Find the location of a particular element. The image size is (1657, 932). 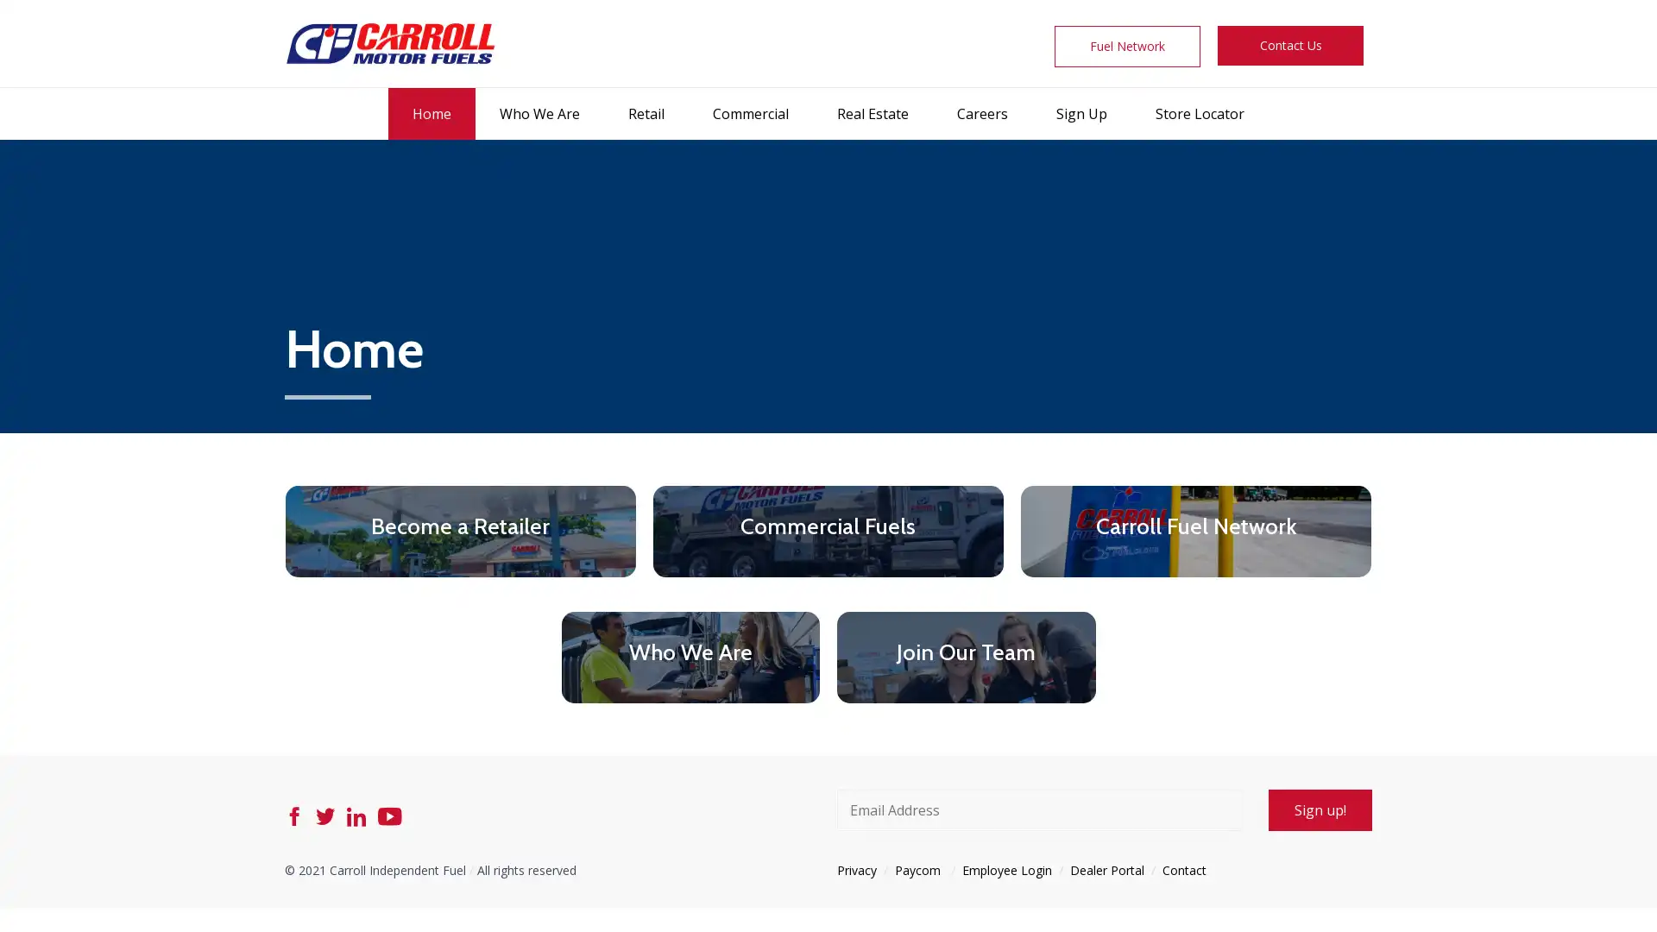

Contact Us is located at coordinates (1289, 45).